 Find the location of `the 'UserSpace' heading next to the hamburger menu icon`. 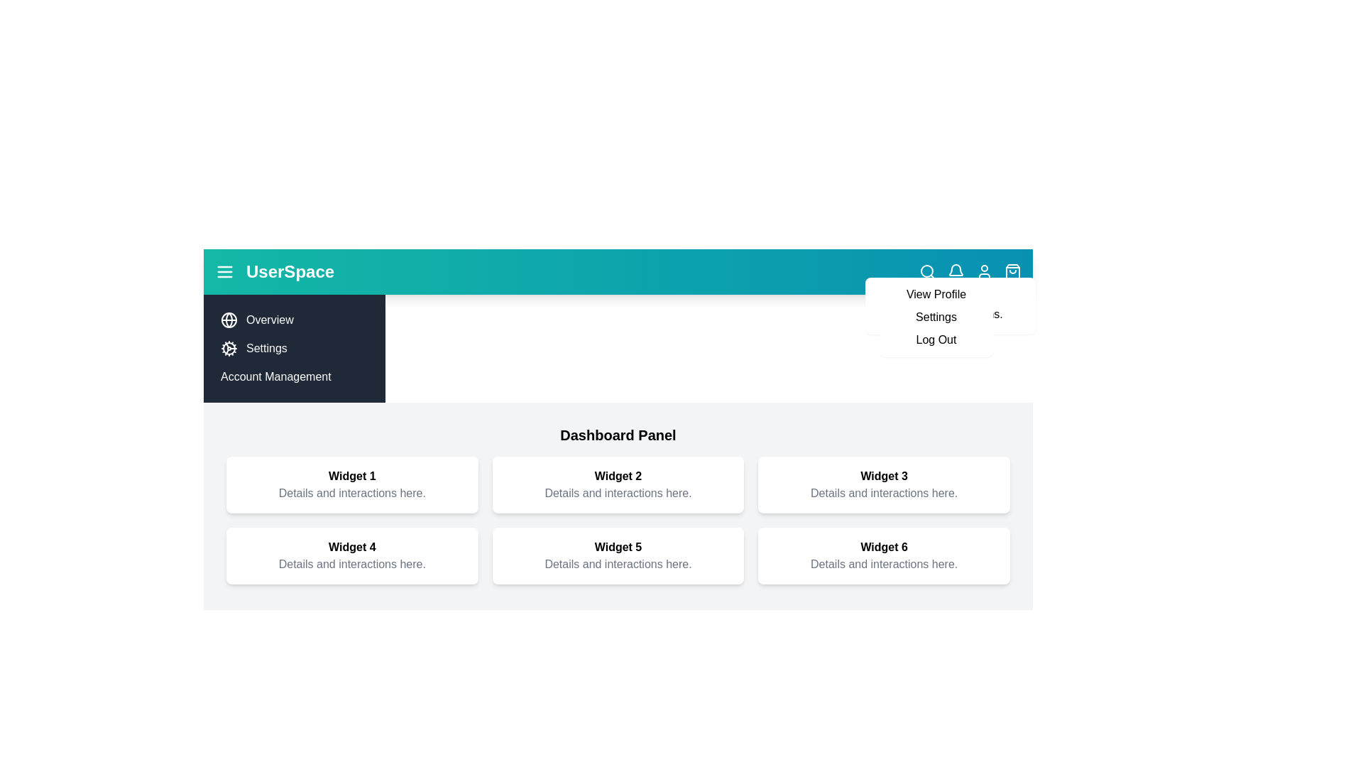

the 'UserSpace' heading next to the hamburger menu icon is located at coordinates (275, 271).